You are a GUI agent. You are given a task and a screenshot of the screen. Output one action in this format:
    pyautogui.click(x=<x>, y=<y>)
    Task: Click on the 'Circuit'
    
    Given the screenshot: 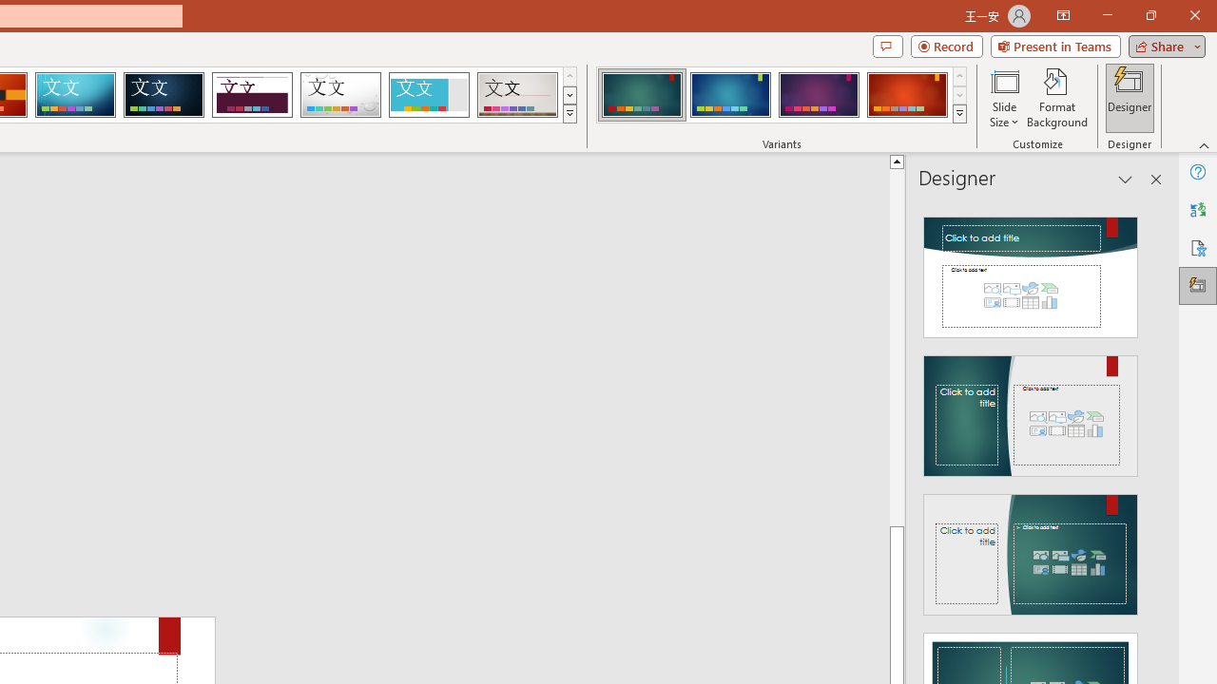 What is the action you would take?
    pyautogui.click(x=75, y=95)
    